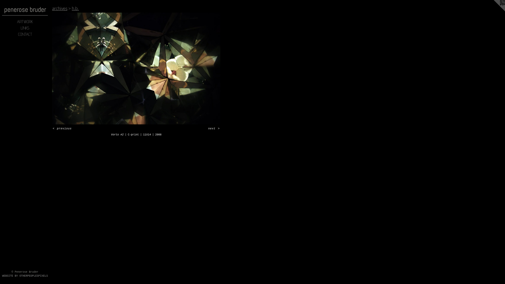 This screenshot has height=284, width=505. What do you see at coordinates (25, 28) in the screenshot?
I see `'LINKS'` at bounding box center [25, 28].